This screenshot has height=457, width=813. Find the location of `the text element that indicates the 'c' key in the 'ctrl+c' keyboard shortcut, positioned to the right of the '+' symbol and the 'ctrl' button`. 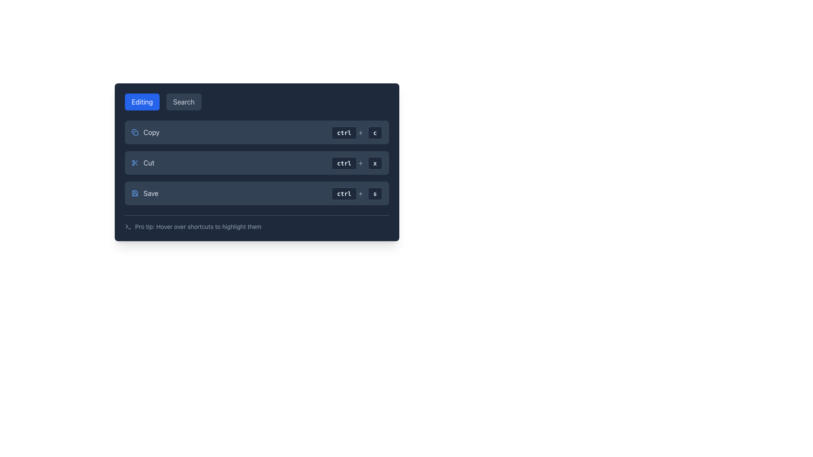

the text element that indicates the 'c' key in the 'ctrl+c' keyboard shortcut, positioned to the right of the '+' symbol and the 'ctrl' button is located at coordinates (374, 132).